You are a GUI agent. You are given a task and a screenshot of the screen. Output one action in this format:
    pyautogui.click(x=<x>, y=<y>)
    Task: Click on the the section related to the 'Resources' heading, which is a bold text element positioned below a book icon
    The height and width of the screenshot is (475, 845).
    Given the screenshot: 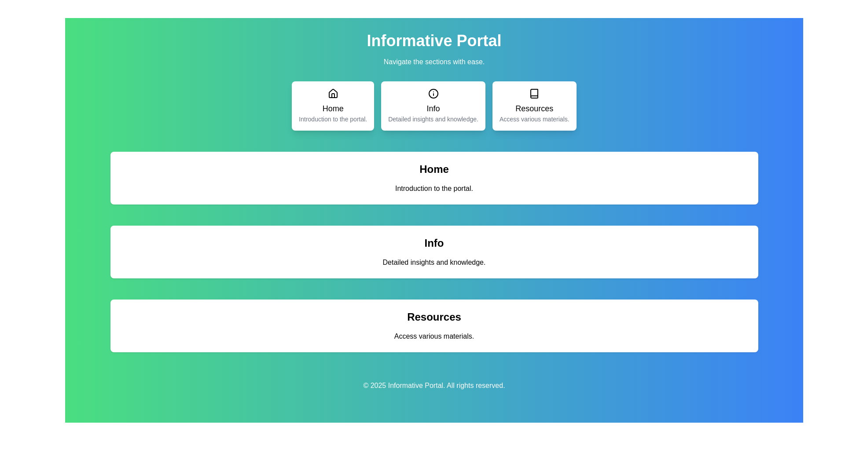 What is the action you would take?
    pyautogui.click(x=534, y=108)
    